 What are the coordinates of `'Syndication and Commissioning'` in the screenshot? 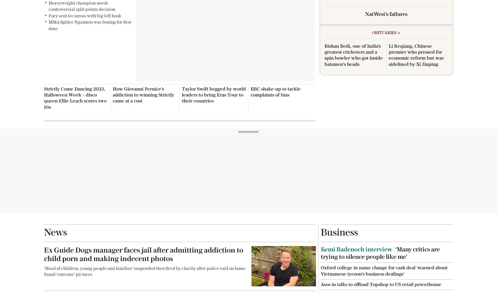 It's located at (132, 24).